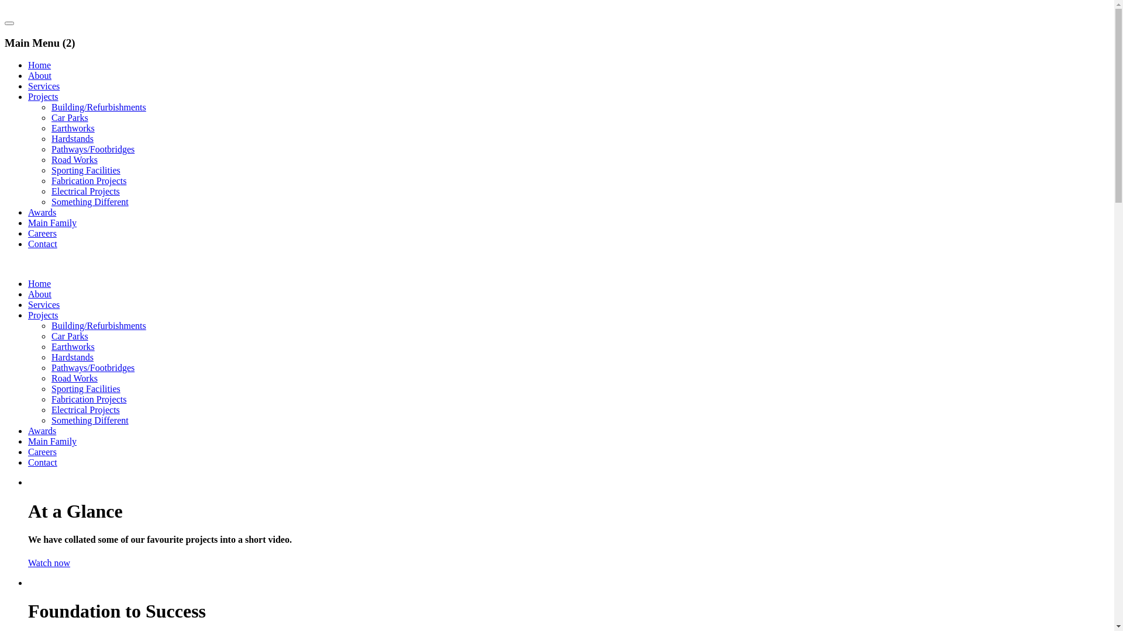 The image size is (1123, 631). Describe the element at coordinates (98, 107) in the screenshot. I see `'Building/Refurbishments'` at that location.